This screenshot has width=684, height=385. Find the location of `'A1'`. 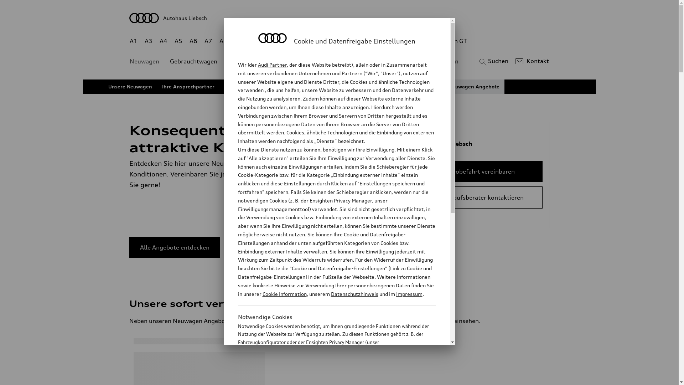

'A1' is located at coordinates (133, 41).